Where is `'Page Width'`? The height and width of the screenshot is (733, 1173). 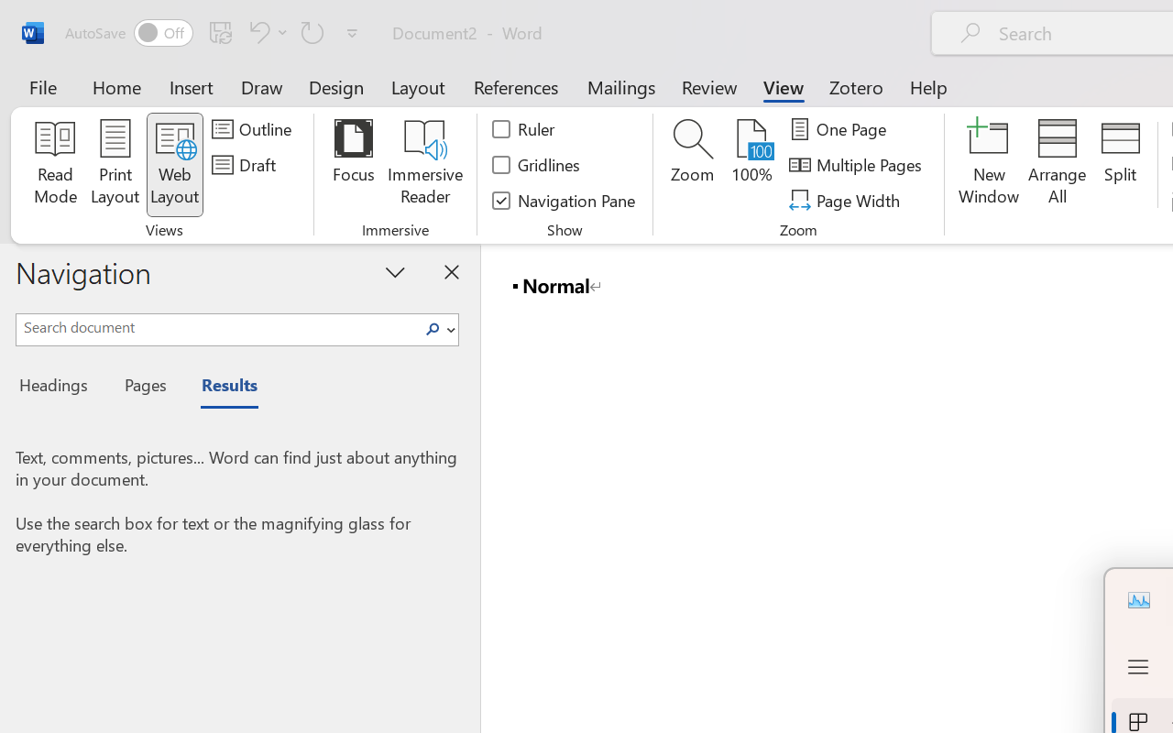 'Page Width' is located at coordinates (846, 200).